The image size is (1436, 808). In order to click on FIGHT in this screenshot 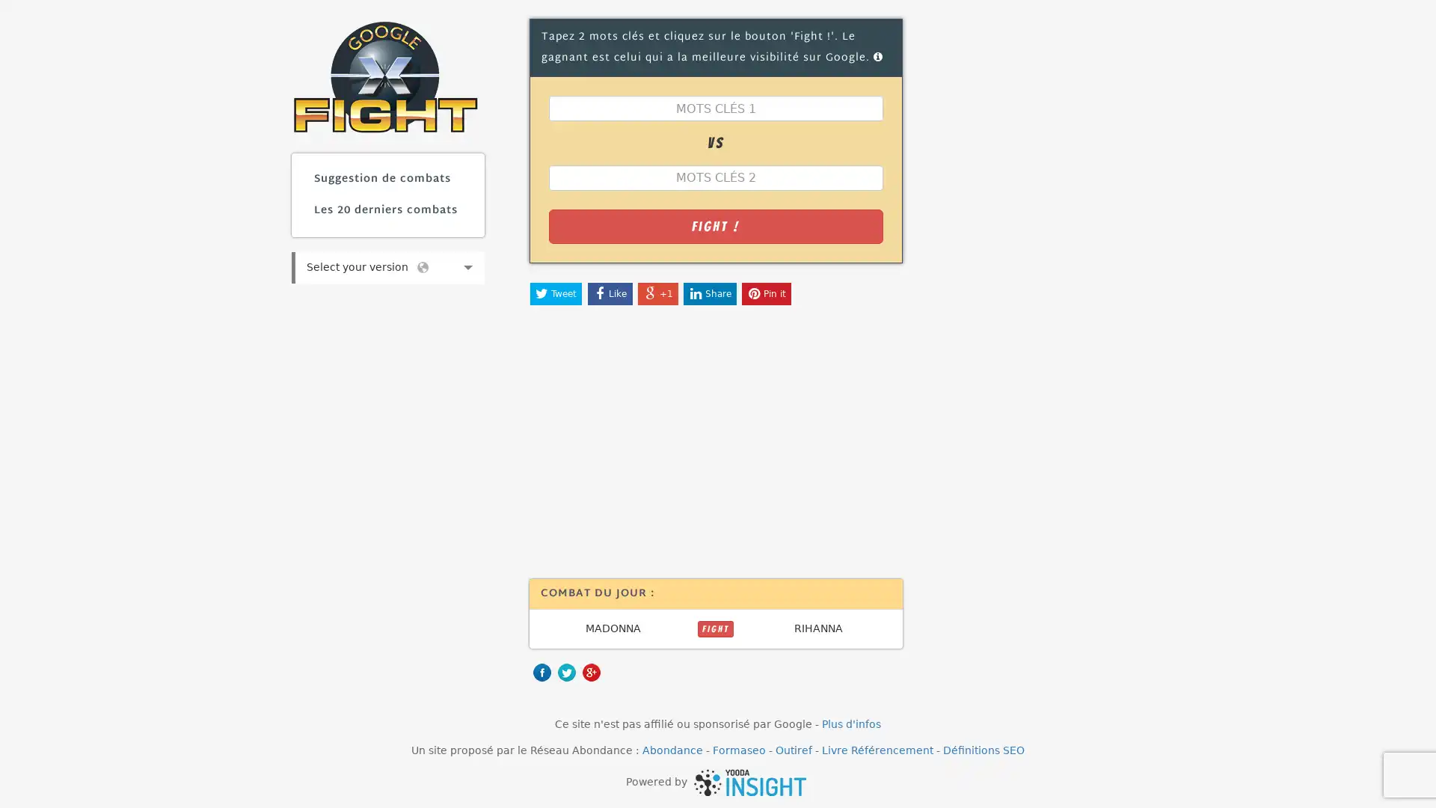, I will do `click(714, 628)`.